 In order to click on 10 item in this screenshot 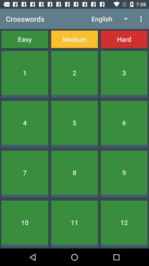, I will do `click(25, 222)`.